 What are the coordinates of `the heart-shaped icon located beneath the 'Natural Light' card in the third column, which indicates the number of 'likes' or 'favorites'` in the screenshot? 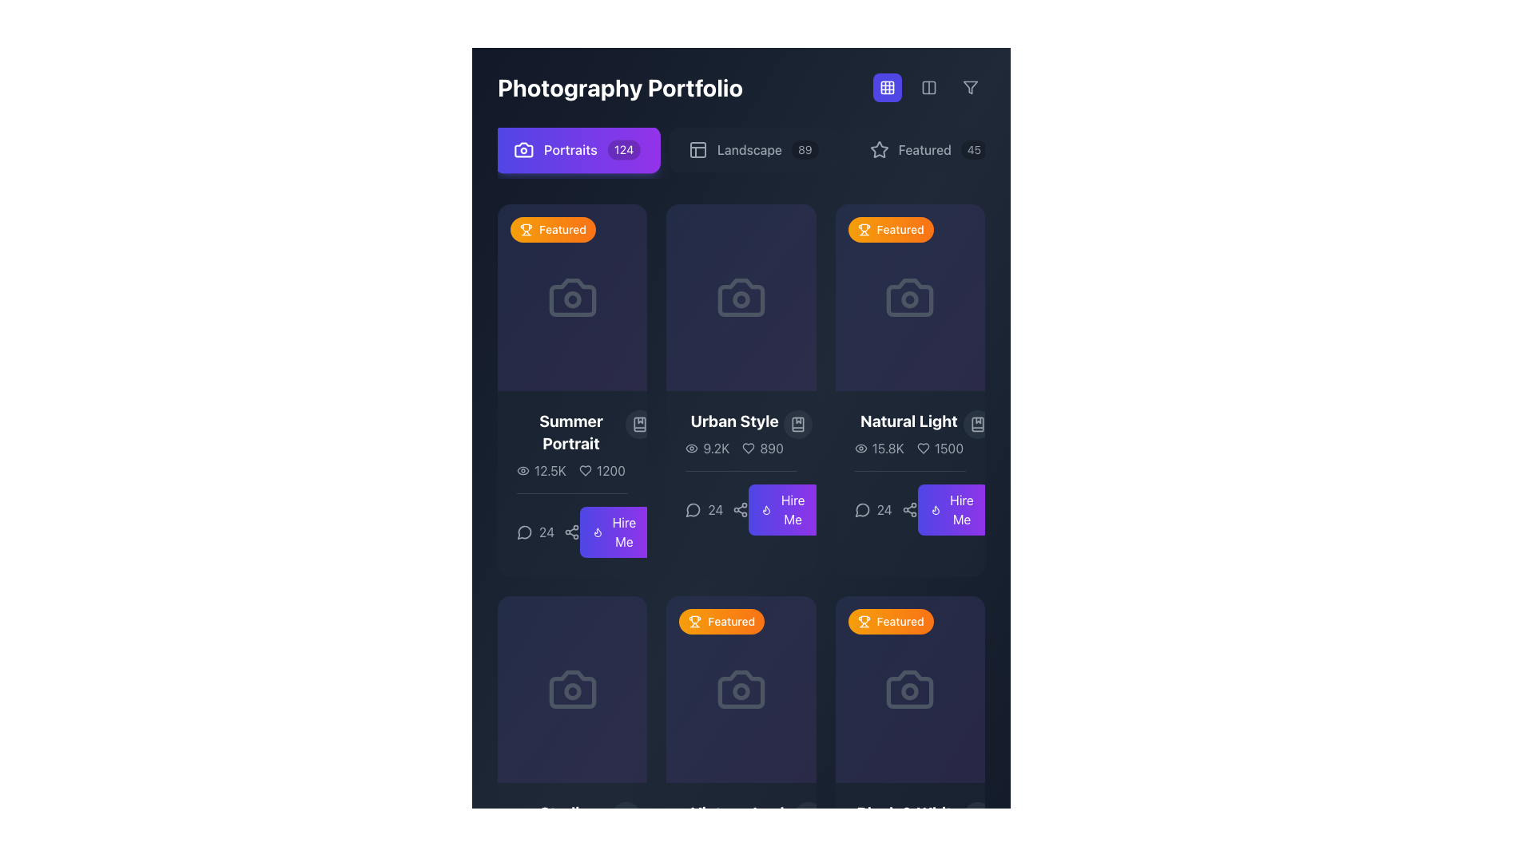 It's located at (923, 449).